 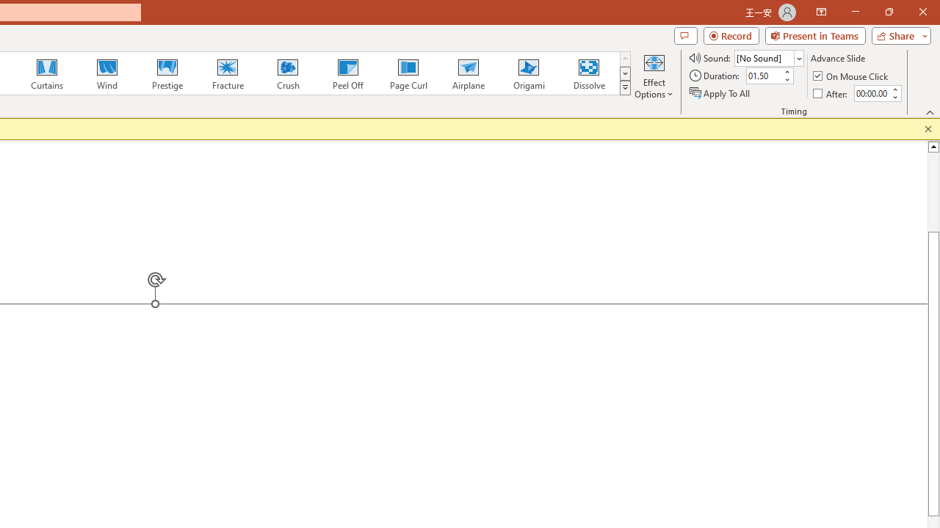 What do you see at coordinates (167, 73) in the screenshot?
I see `'Prestige'` at bounding box center [167, 73].